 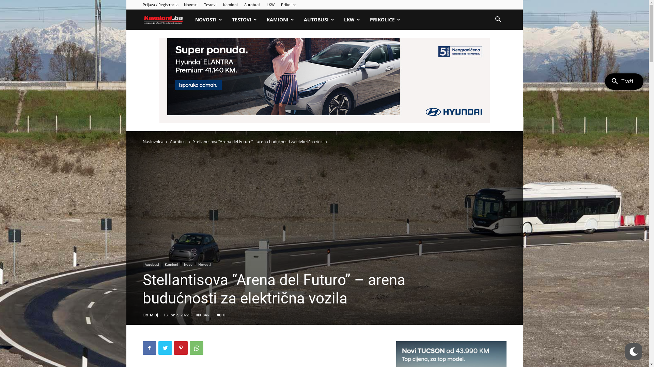 What do you see at coordinates (196, 348) in the screenshot?
I see `'WhatsApp'` at bounding box center [196, 348].